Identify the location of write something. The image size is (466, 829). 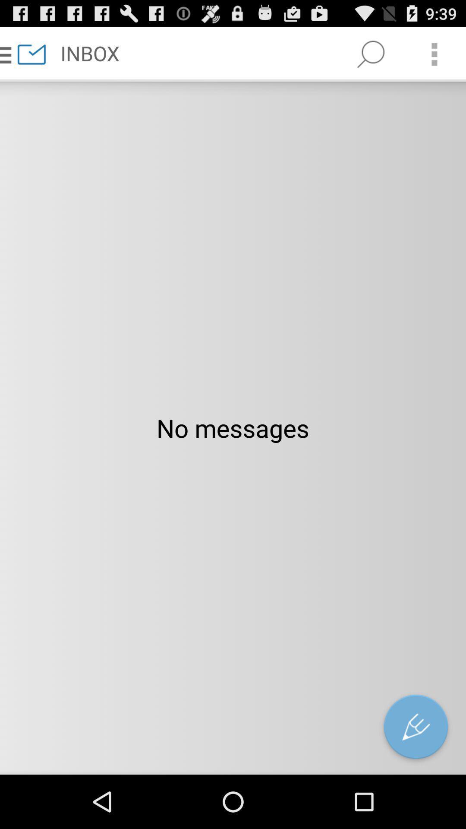
(416, 728).